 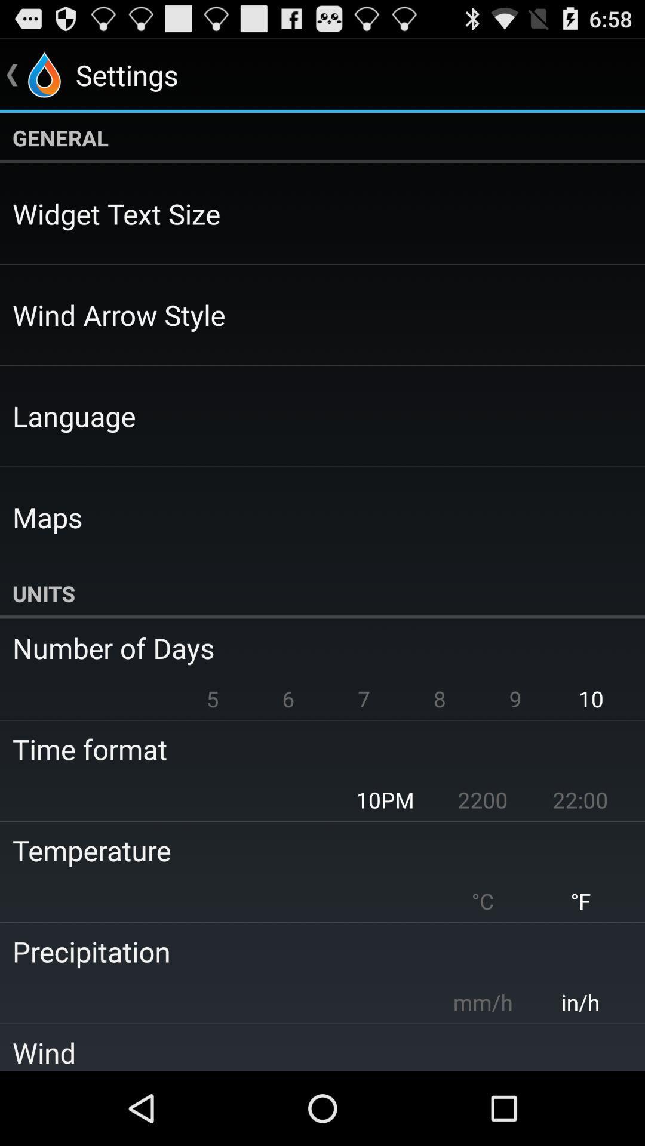 I want to click on the precipitation icon, so click(x=314, y=951).